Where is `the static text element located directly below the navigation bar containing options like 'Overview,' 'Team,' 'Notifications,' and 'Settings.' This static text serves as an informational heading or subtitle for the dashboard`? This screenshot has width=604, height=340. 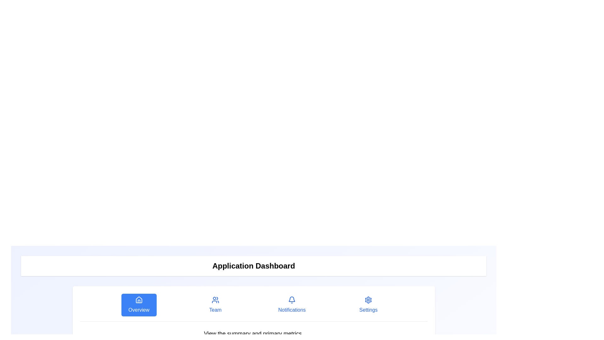 the static text element located directly below the navigation bar containing options like 'Overview,' 'Team,' 'Notifications,' and 'Settings.' This static text serves as an informational heading or subtitle for the dashboard is located at coordinates (254, 333).